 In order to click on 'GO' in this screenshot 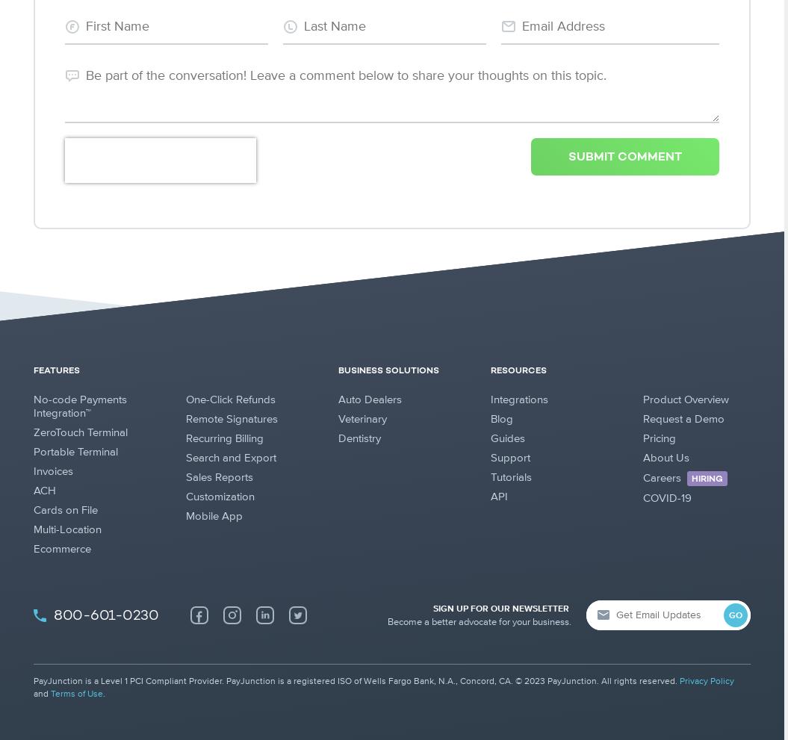, I will do `click(735, 615)`.